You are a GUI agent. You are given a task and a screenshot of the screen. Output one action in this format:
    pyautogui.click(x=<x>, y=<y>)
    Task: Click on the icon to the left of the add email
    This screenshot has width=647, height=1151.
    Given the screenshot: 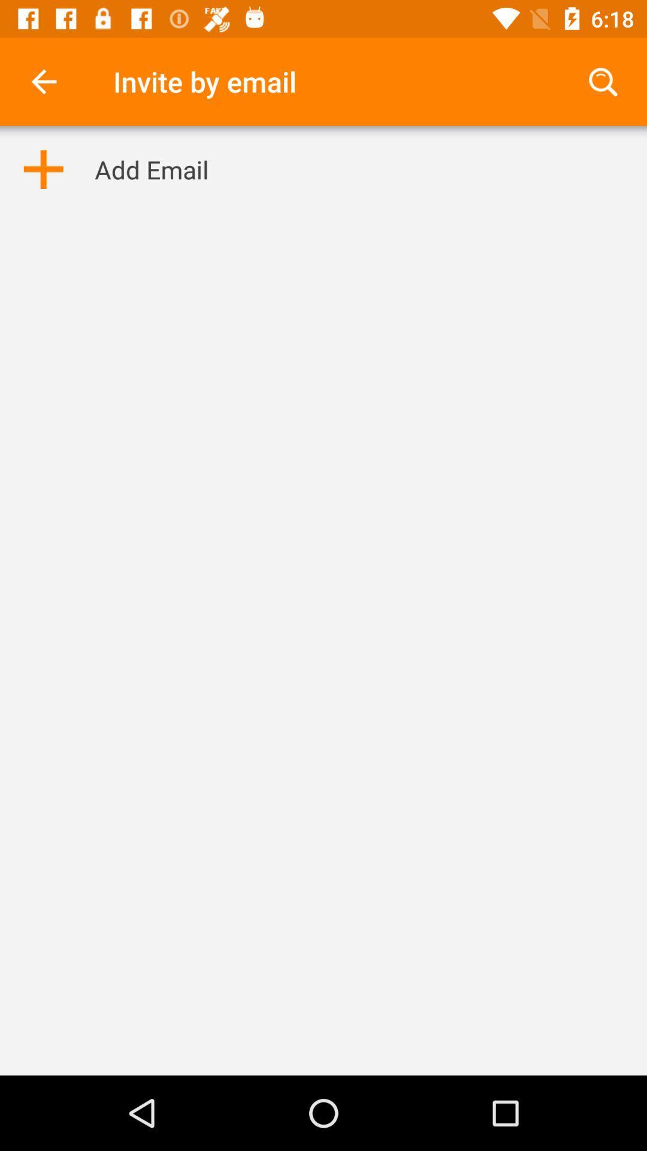 What is the action you would take?
    pyautogui.click(x=43, y=168)
    